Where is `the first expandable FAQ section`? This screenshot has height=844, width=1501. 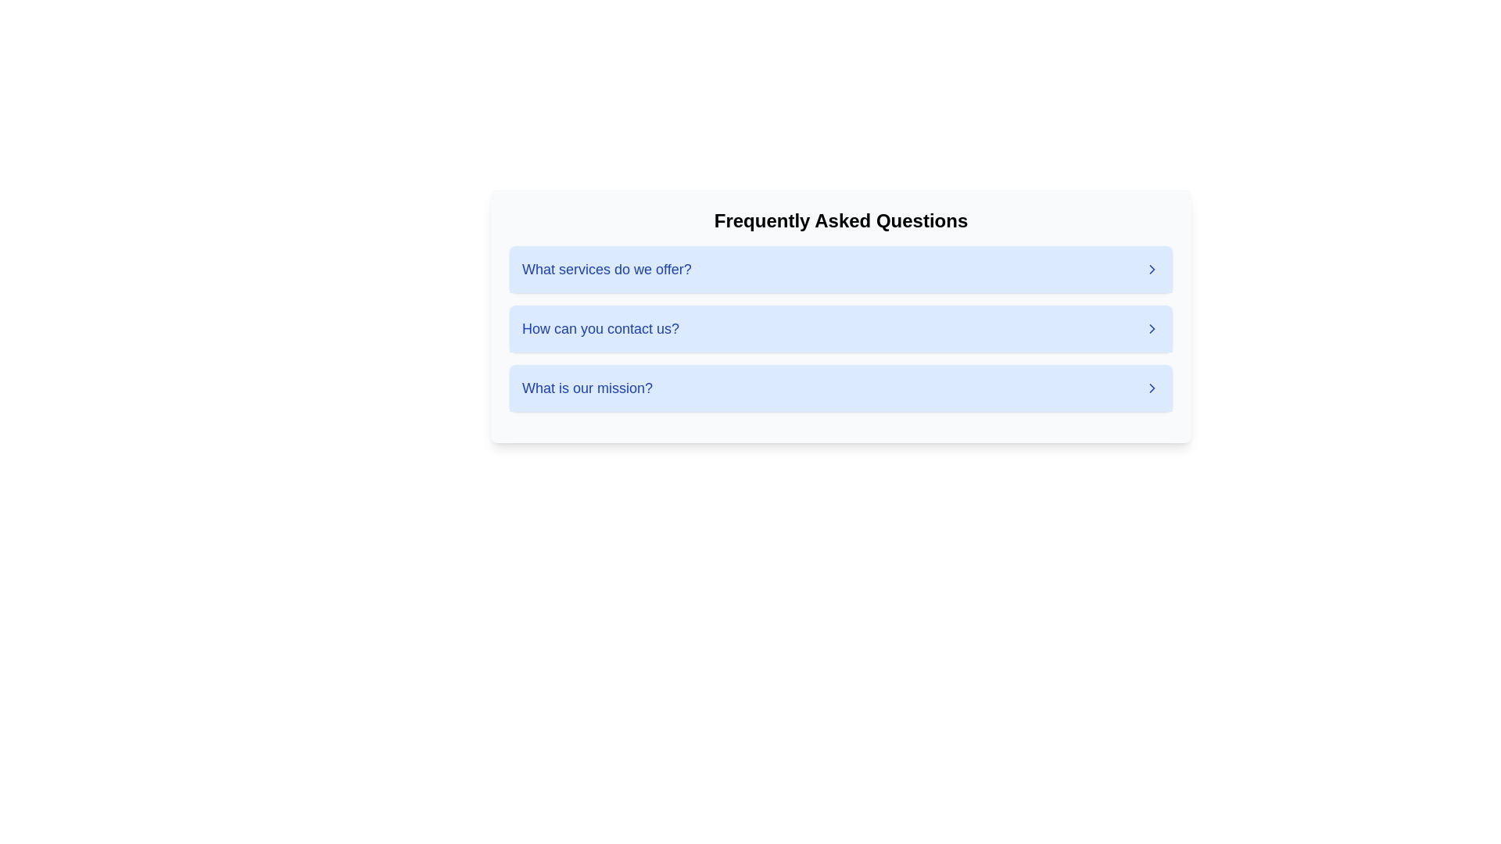
the first expandable FAQ section is located at coordinates (840, 268).